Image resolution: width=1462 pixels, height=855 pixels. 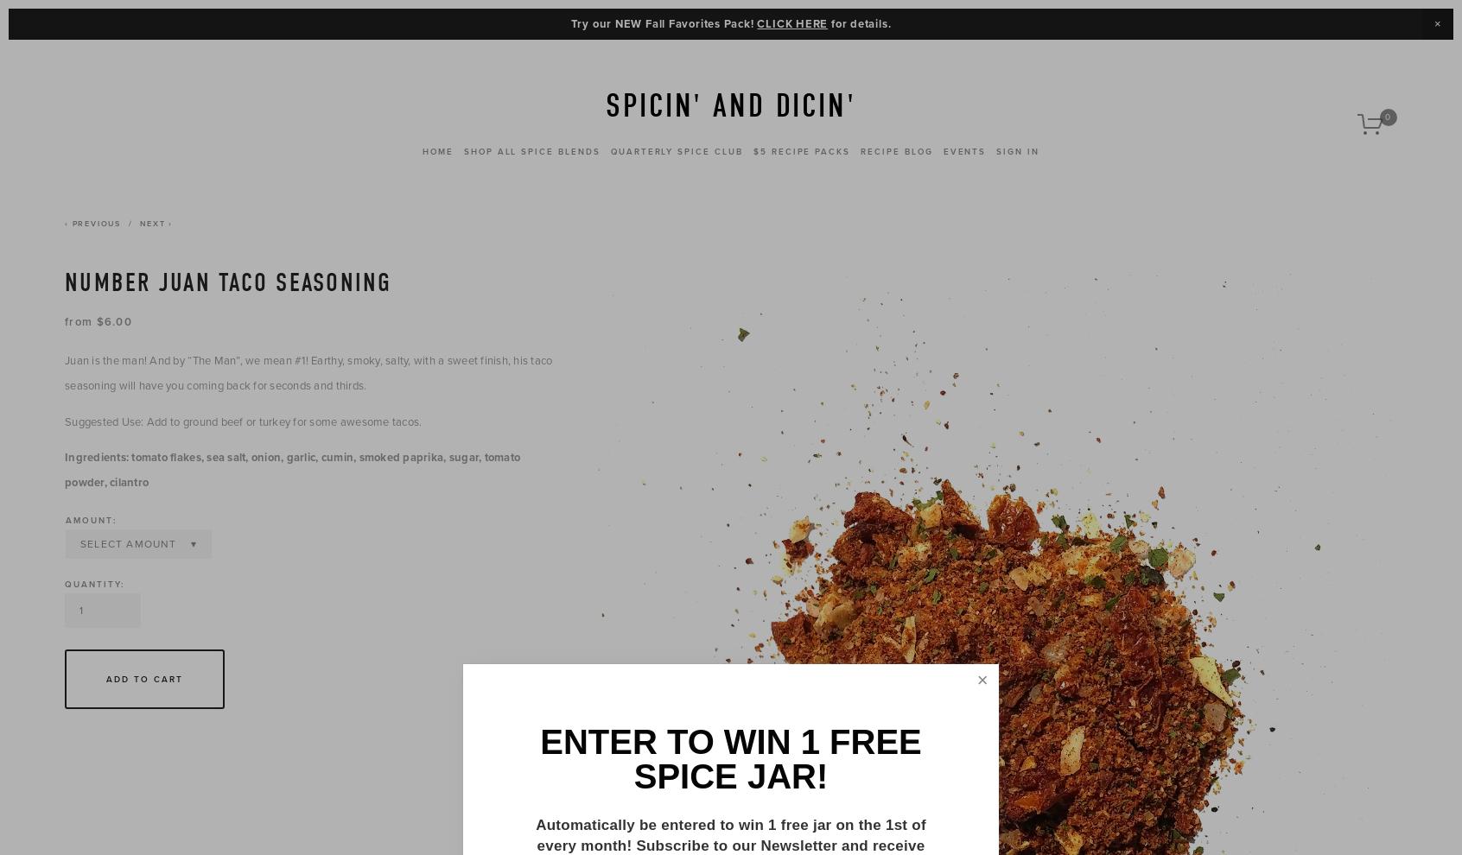 What do you see at coordinates (730, 104) in the screenshot?
I see `'Spicin' and Dicin''` at bounding box center [730, 104].